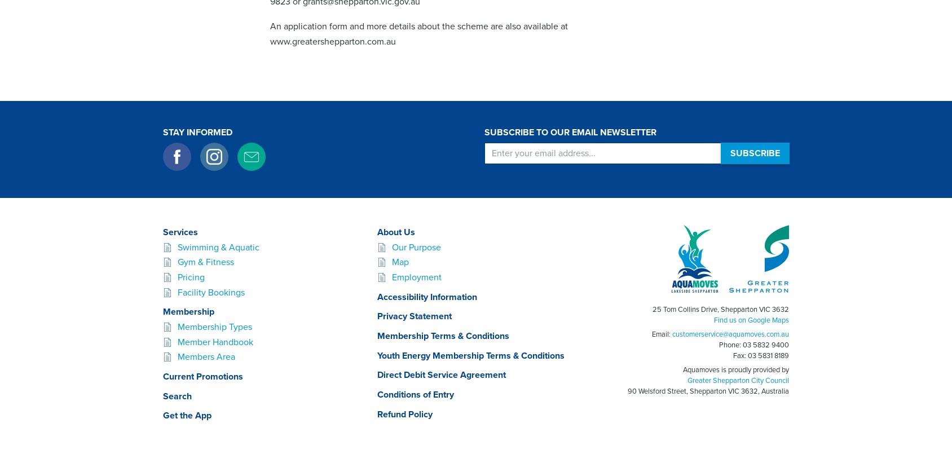  I want to click on 'Phone: 03 5832 9400', so click(753, 344).